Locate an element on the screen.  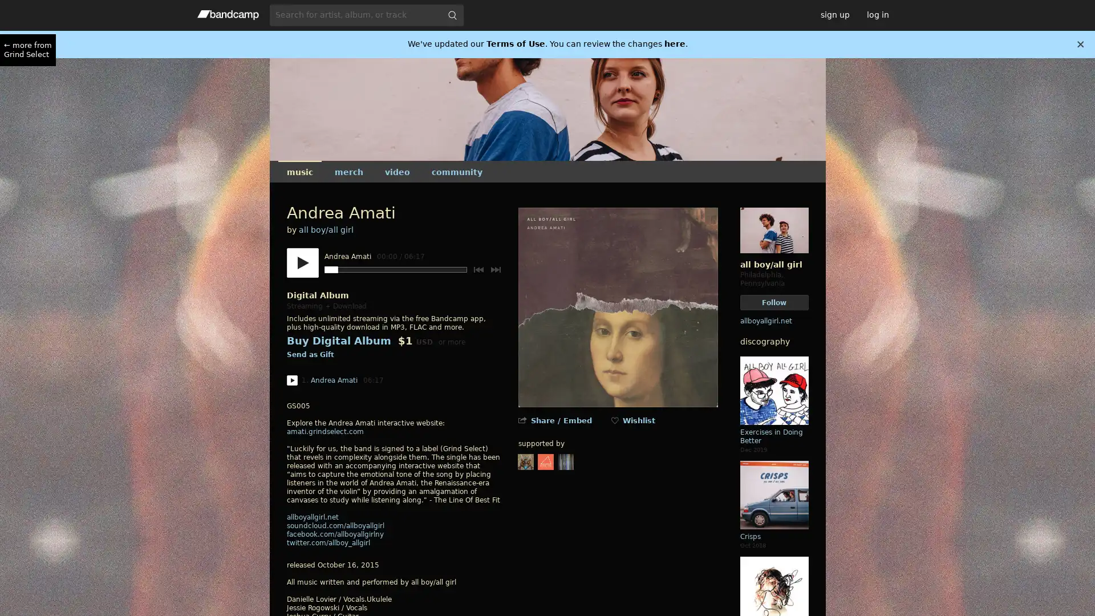
Play Andrea Amati is located at coordinates (291, 380).